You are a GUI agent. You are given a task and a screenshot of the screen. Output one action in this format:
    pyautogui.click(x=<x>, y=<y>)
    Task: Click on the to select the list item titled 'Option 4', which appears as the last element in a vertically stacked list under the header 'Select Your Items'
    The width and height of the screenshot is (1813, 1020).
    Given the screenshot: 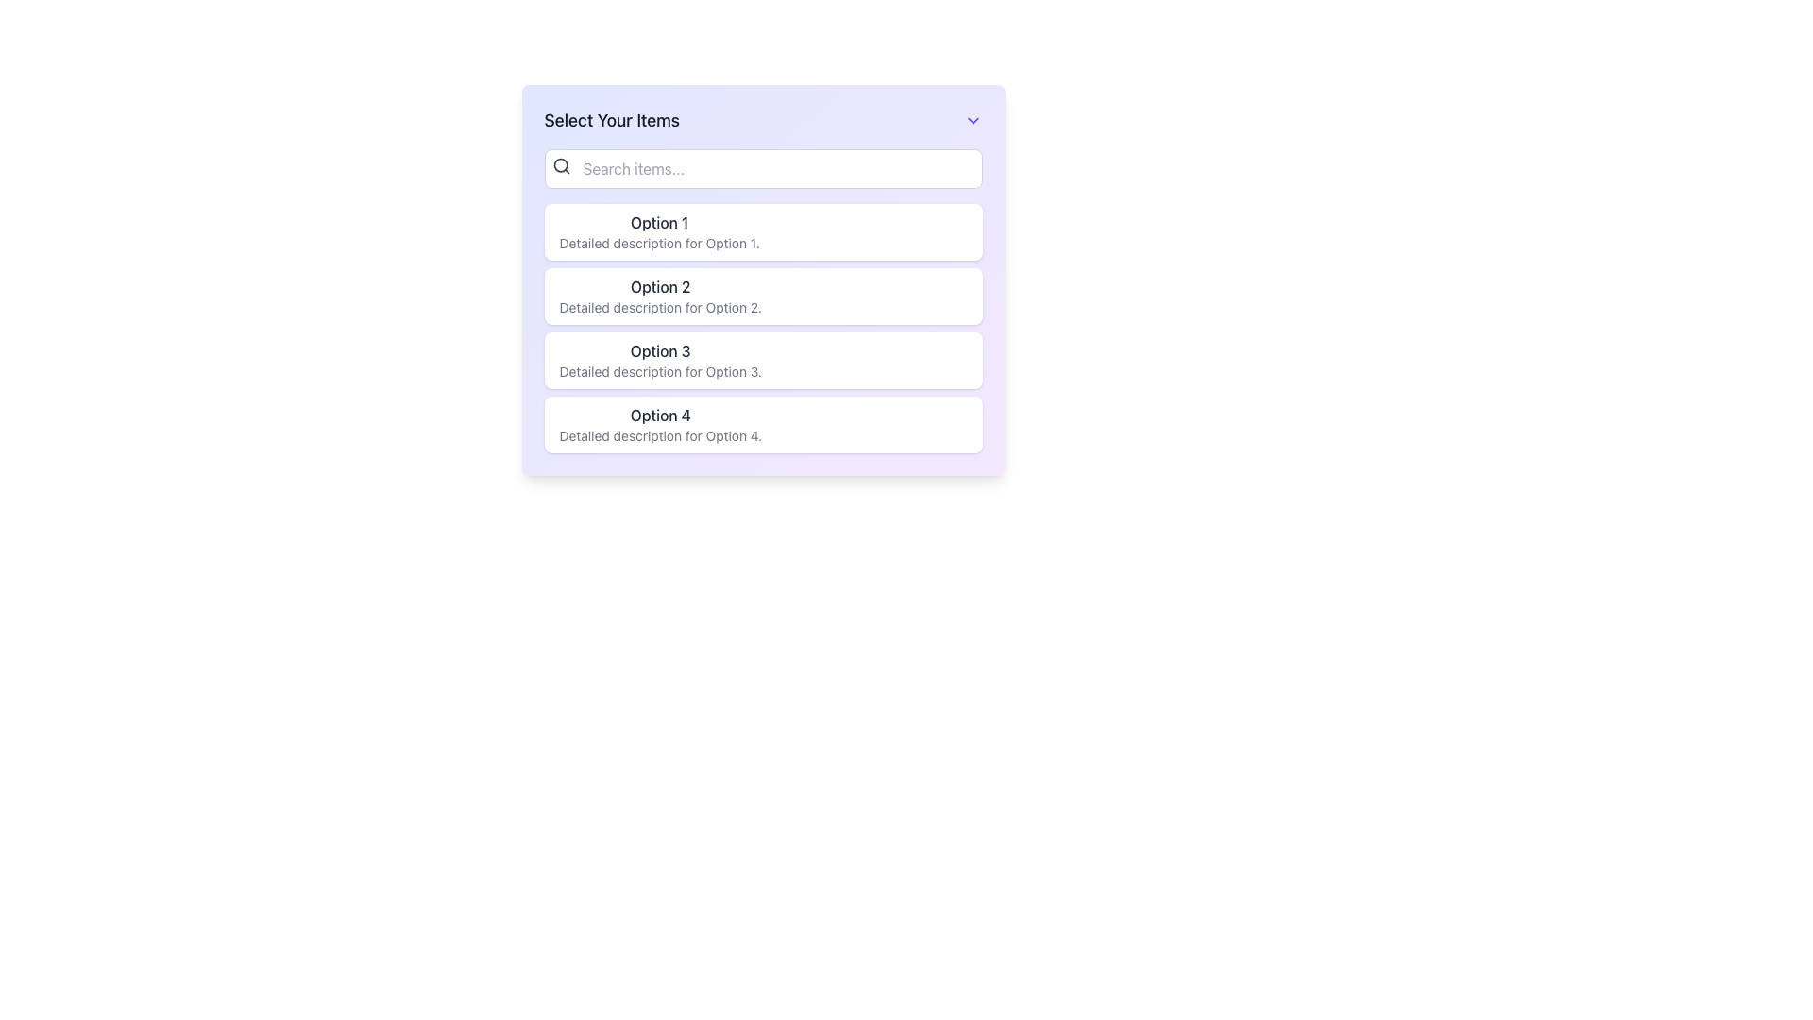 What is the action you would take?
    pyautogui.click(x=660, y=425)
    